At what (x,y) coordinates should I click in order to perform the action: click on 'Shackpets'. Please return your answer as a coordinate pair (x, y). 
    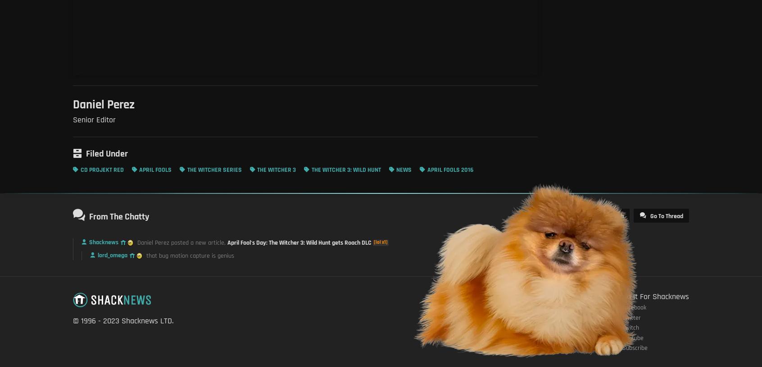
    Looking at the image, I should click on (557, 317).